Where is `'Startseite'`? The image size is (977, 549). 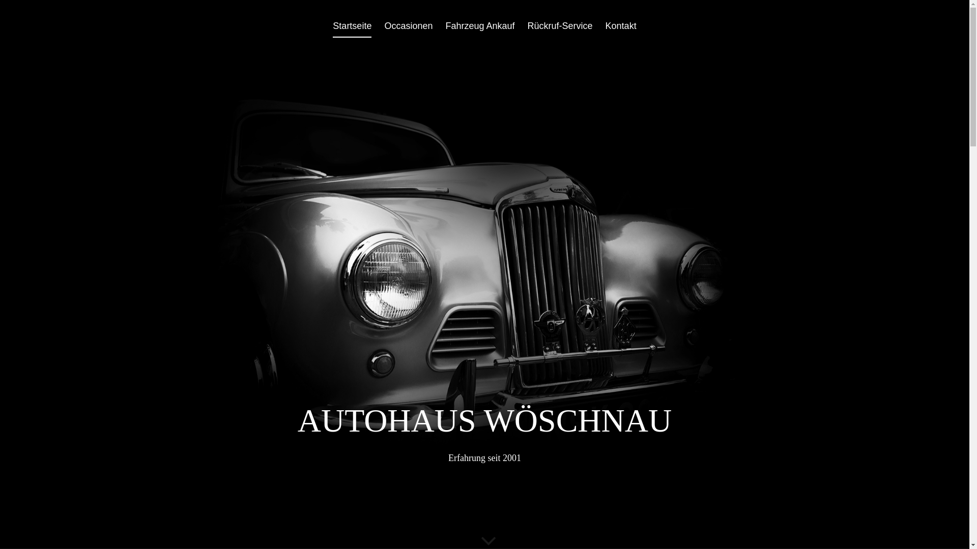 'Startseite' is located at coordinates (352, 28).